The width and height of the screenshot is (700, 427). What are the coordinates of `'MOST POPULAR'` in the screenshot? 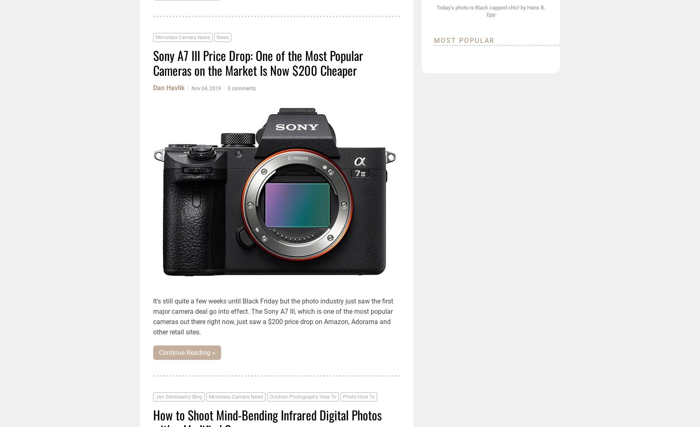 It's located at (464, 40).